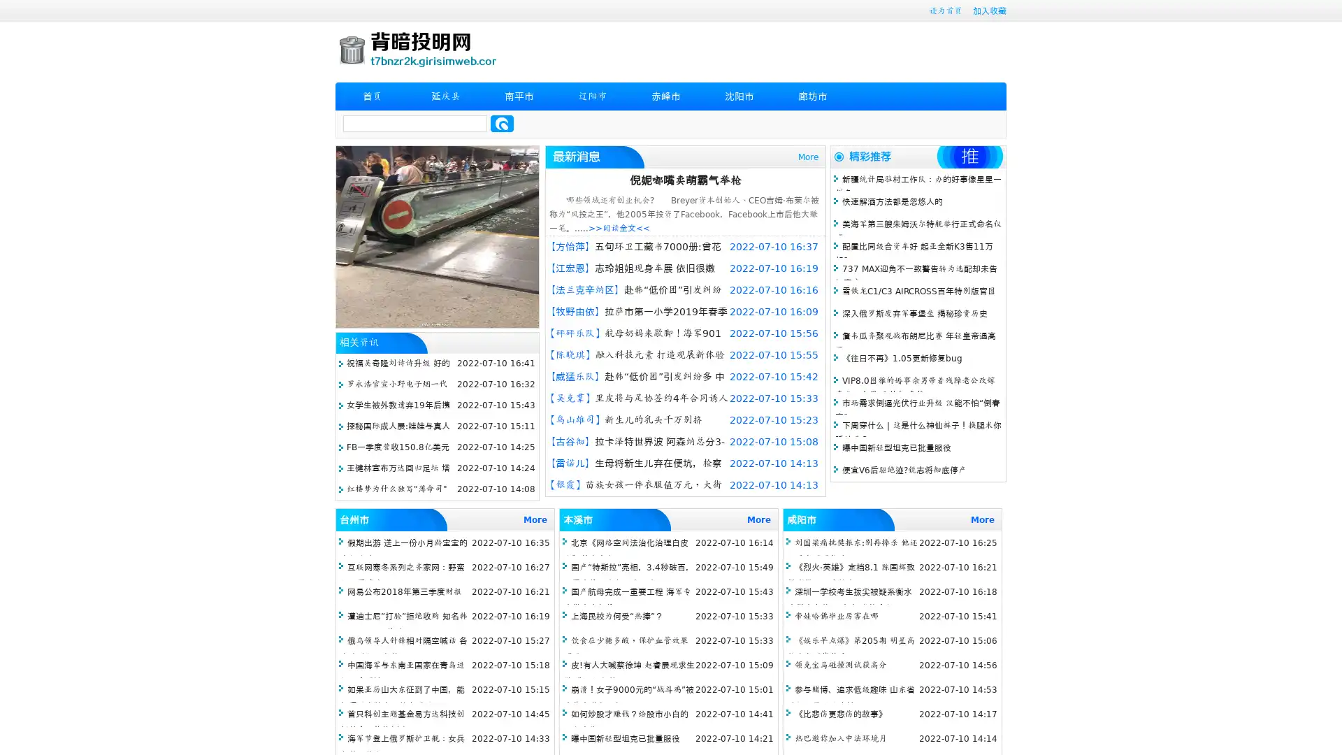 The image size is (1342, 755). Describe the element at coordinates (502, 123) in the screenshot. I see `Search` at that location.